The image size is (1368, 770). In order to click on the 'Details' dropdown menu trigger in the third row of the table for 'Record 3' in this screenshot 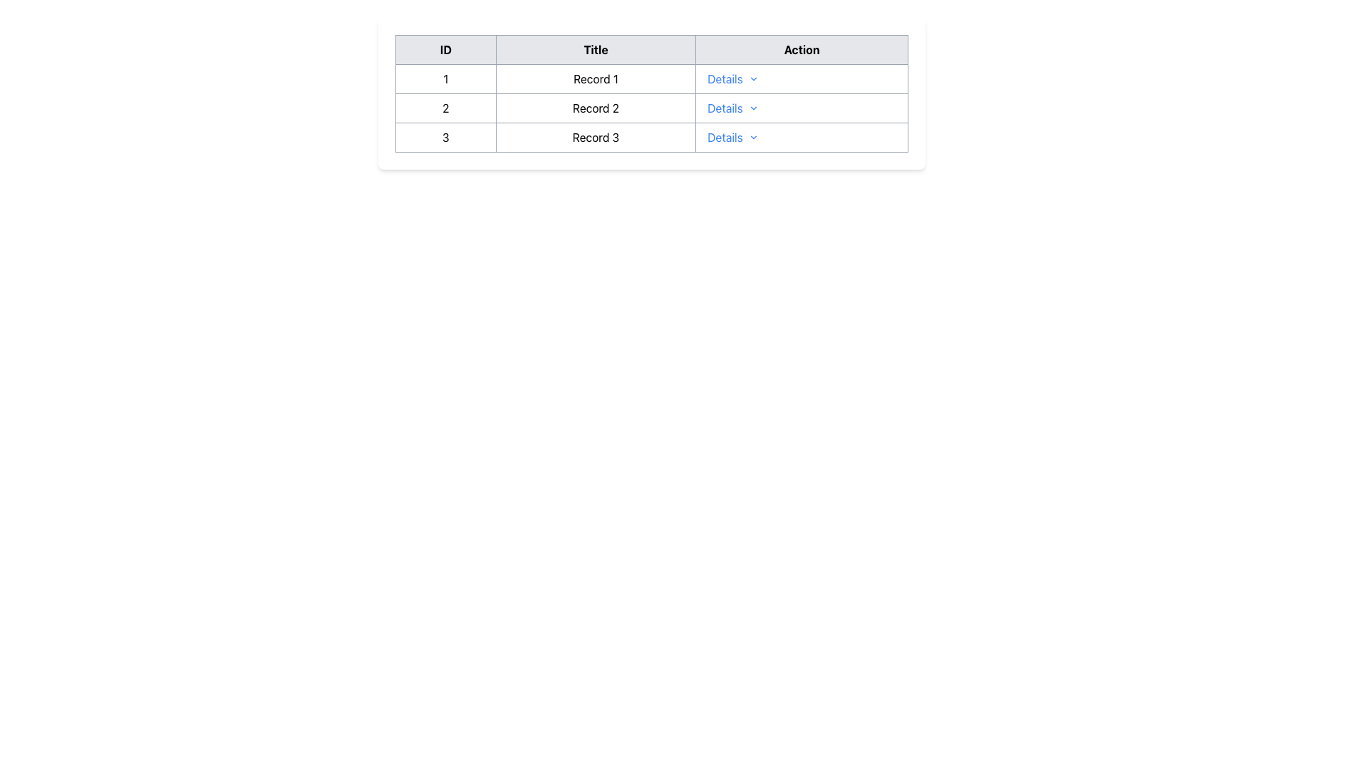, I will do `click(802, 137)`.